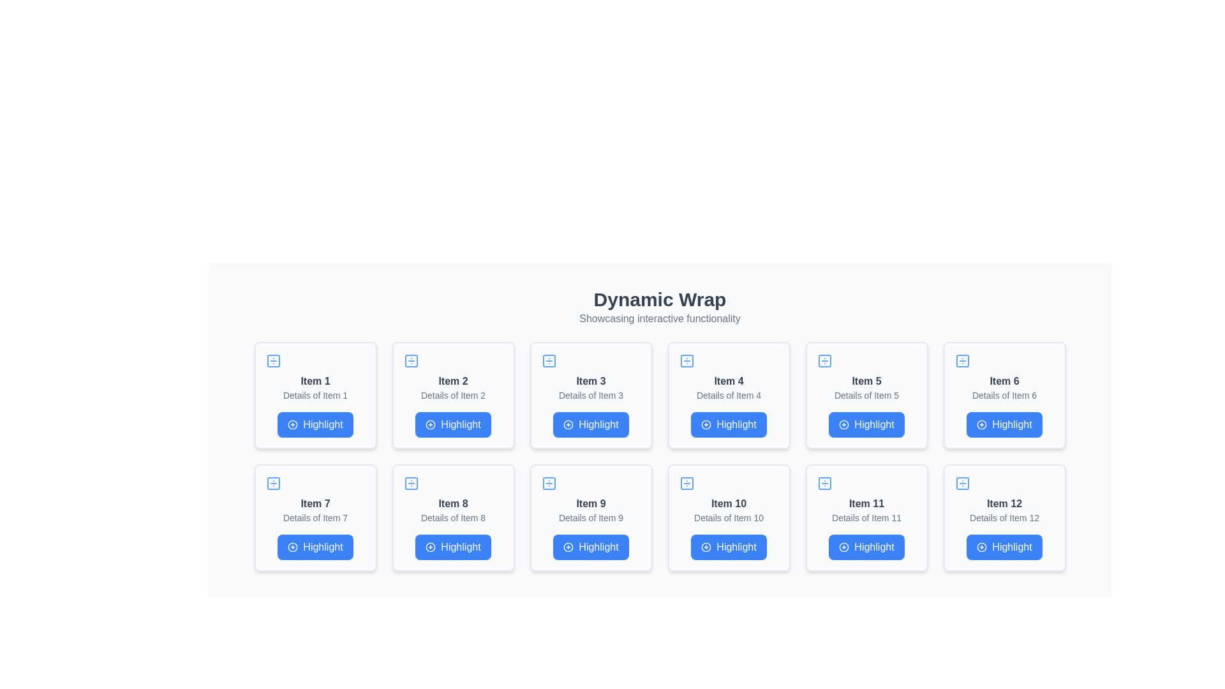  Describe the element at coordinates (431, 546) in the screenshot. I see `the SVG circle that serves as the circular background of the plus icon located to the left of the text 'Highlight' in the 'Item 8' section` at that location.